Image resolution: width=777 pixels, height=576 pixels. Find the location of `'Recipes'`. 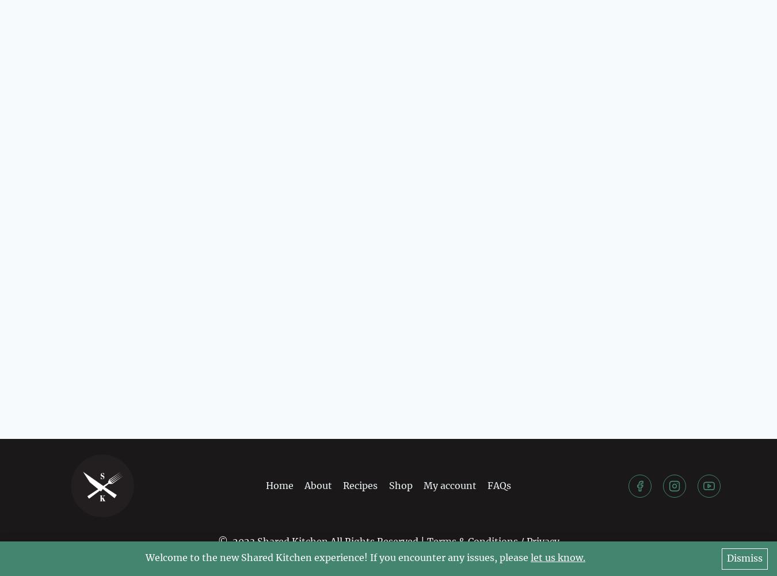

'Recipes' is located at coordinates (360, 484).